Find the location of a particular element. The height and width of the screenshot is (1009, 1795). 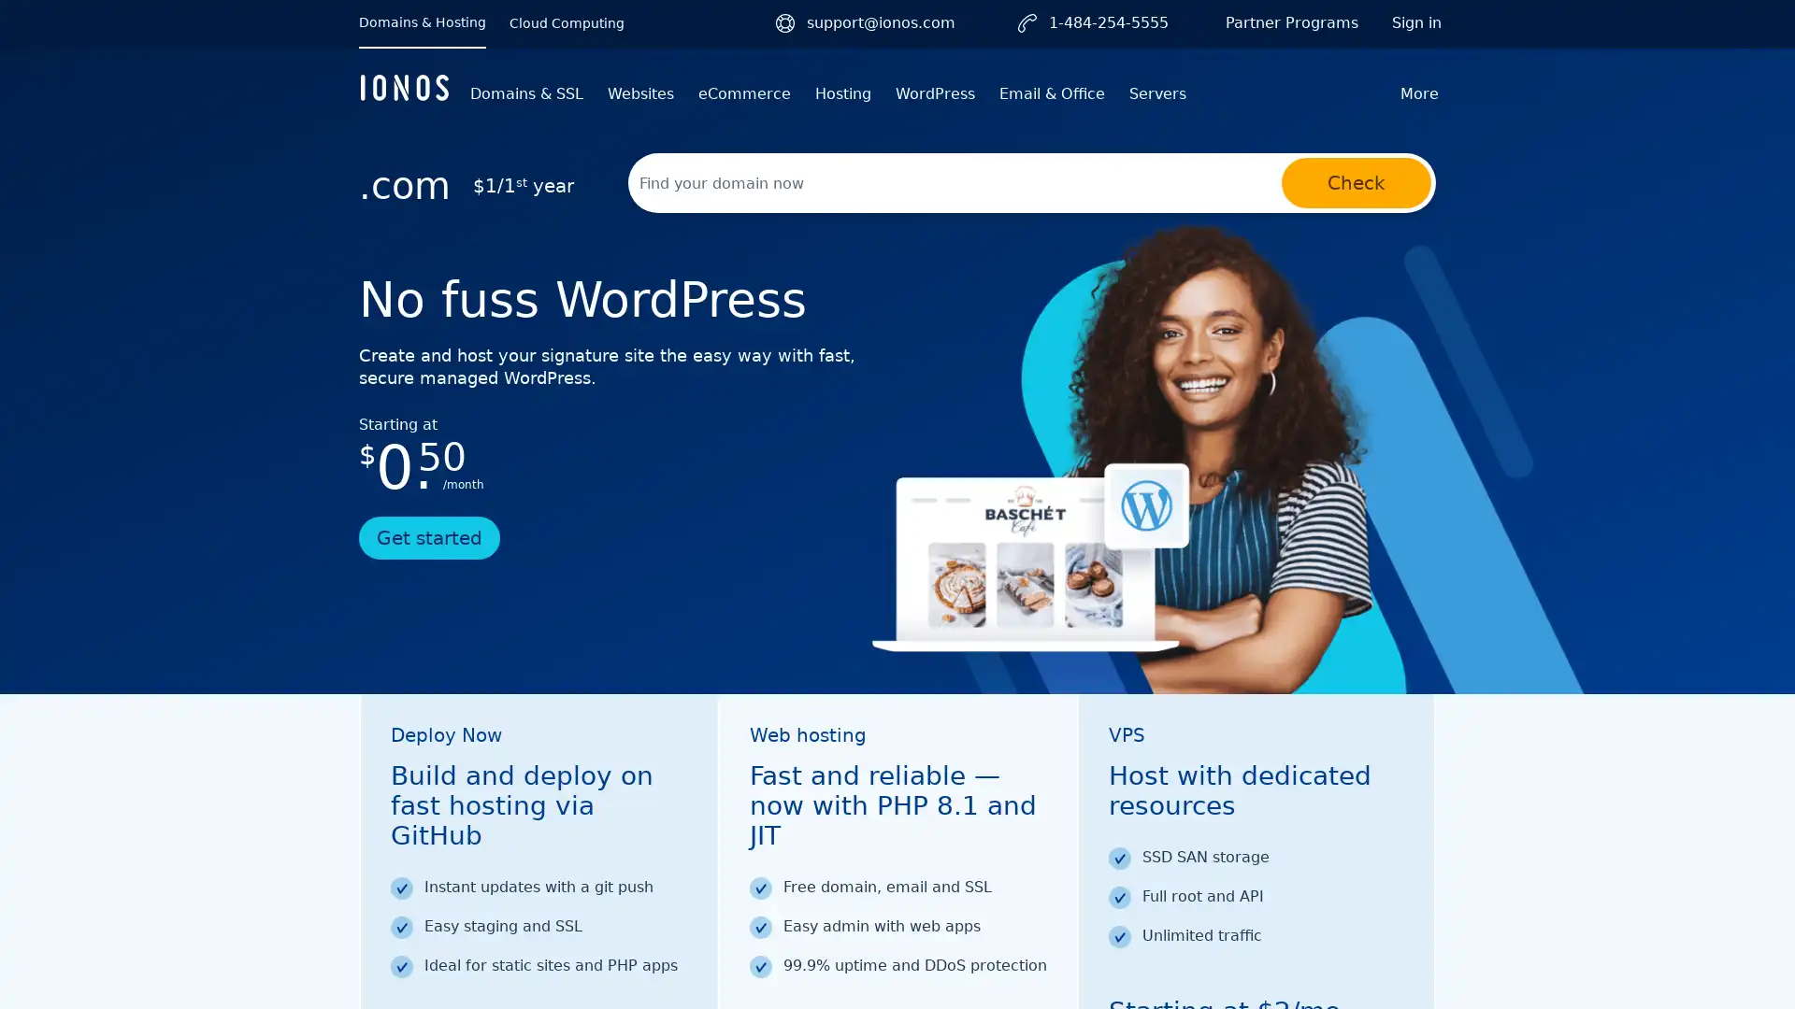

WordPress is located at coordinates (935, 93).